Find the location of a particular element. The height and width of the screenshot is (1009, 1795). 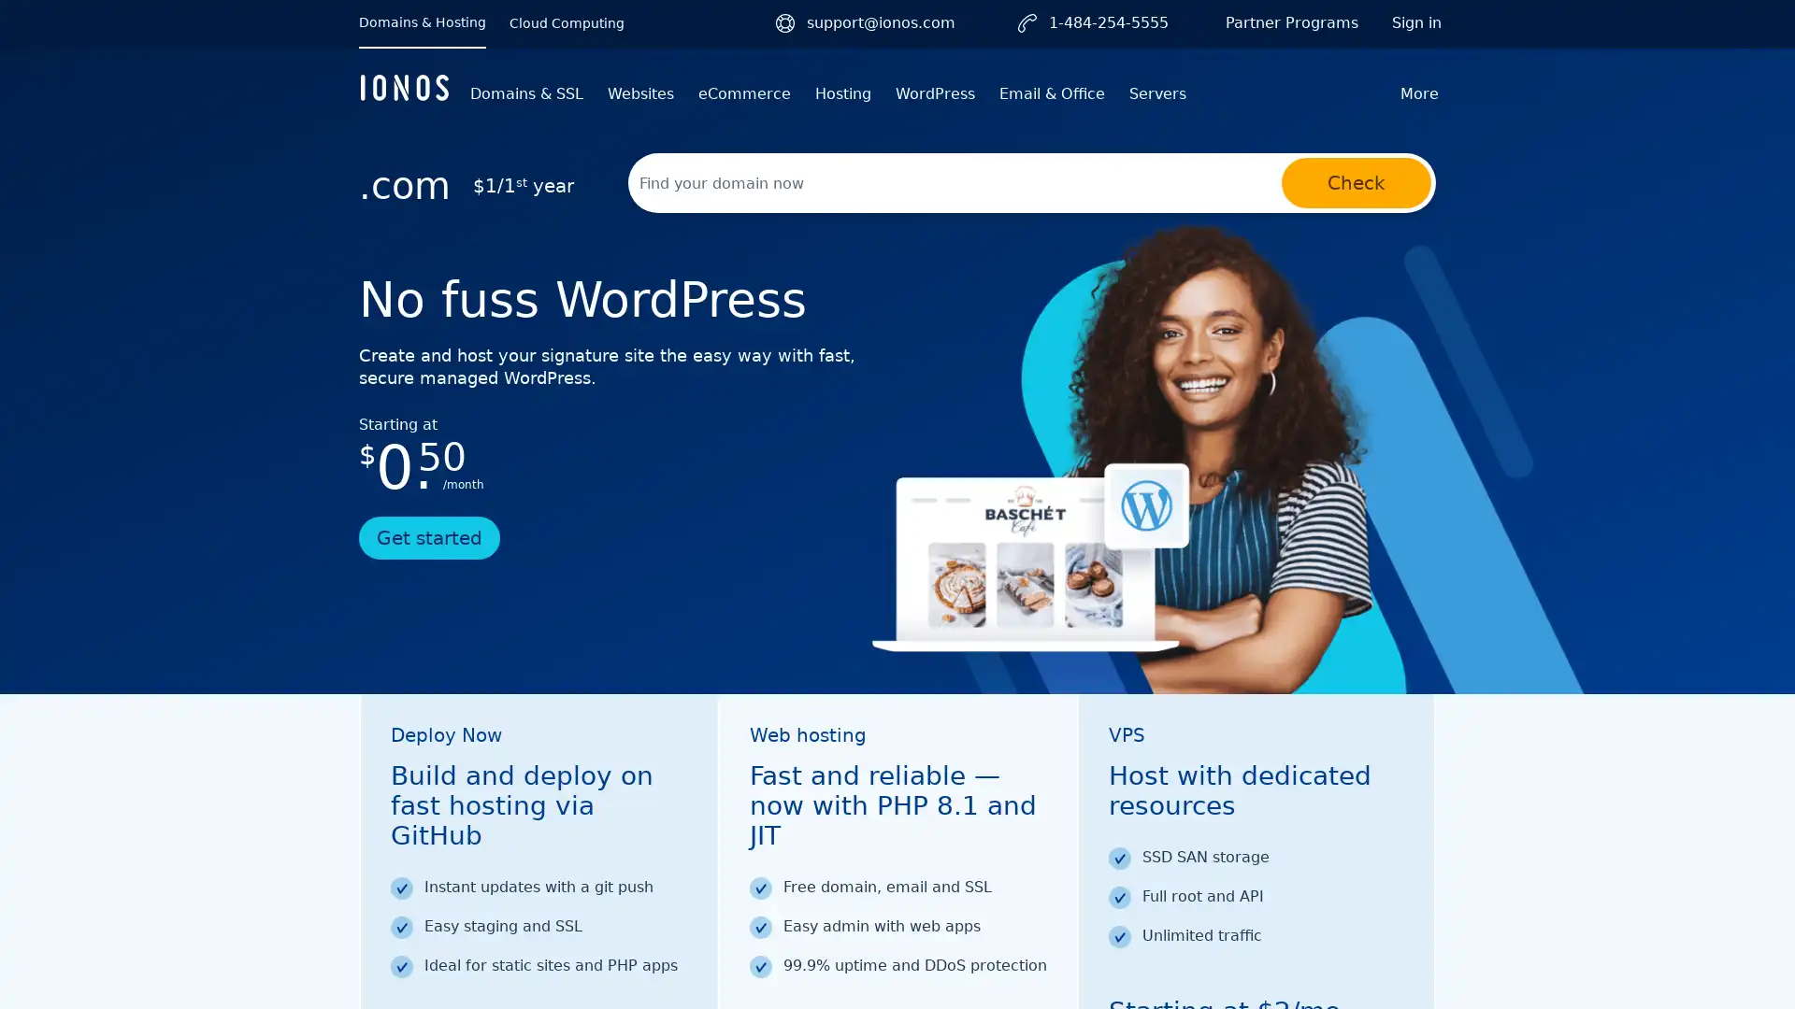

WordPress is located at coordinates (935, 93).